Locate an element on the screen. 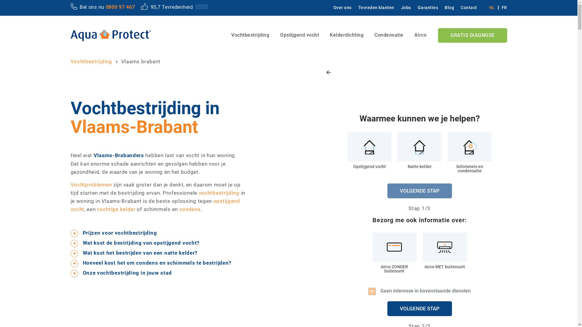 The height and width of the screenshot is (327, 582). 'Condensatie' is located at coordinates (369, 35).